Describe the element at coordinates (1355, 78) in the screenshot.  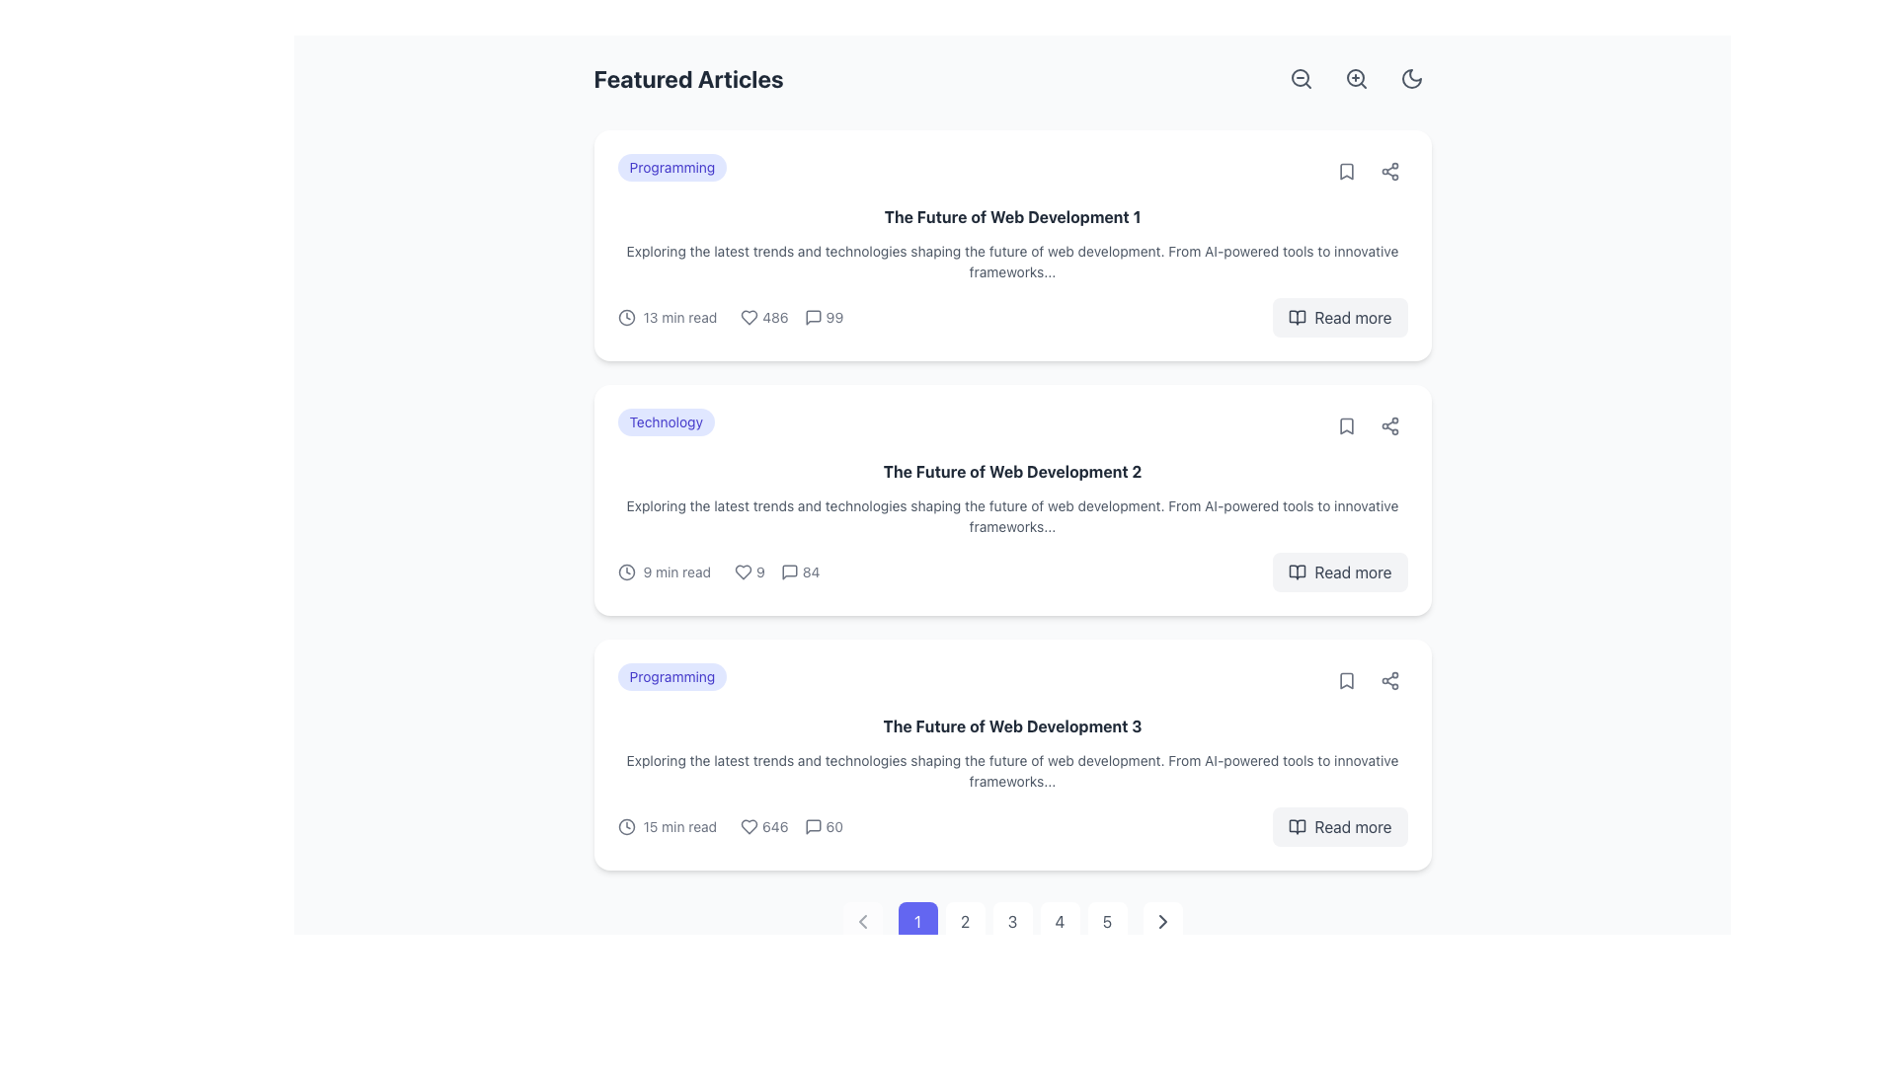
I see `the circular button featuring a magnifying glass icon with a plus symbol inside, located` at that location.